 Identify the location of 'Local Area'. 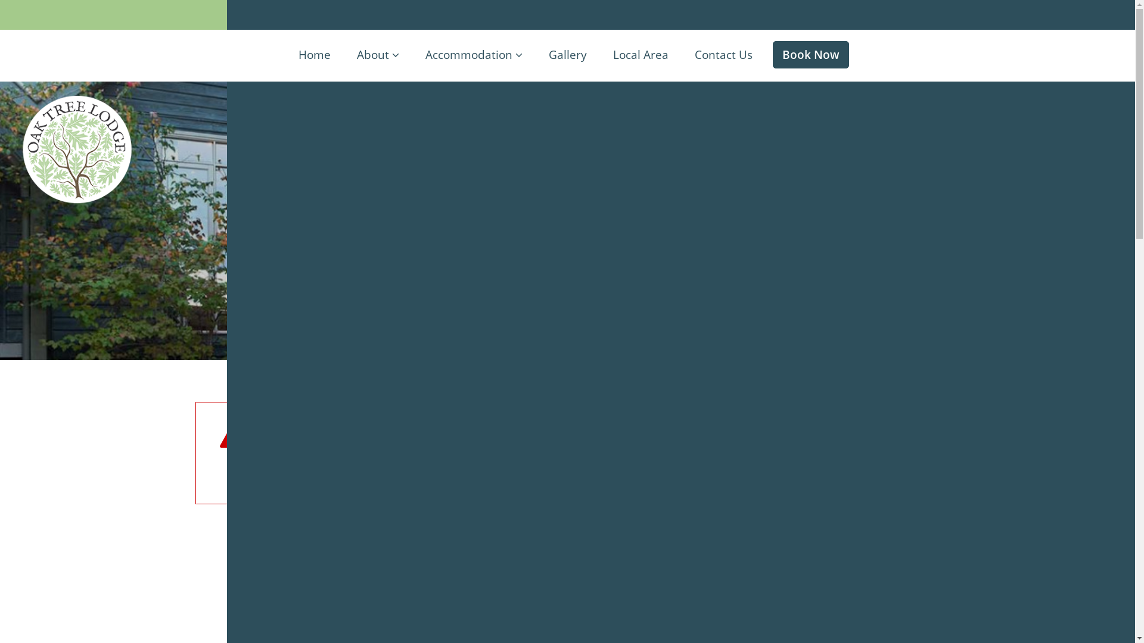
(639, 55).